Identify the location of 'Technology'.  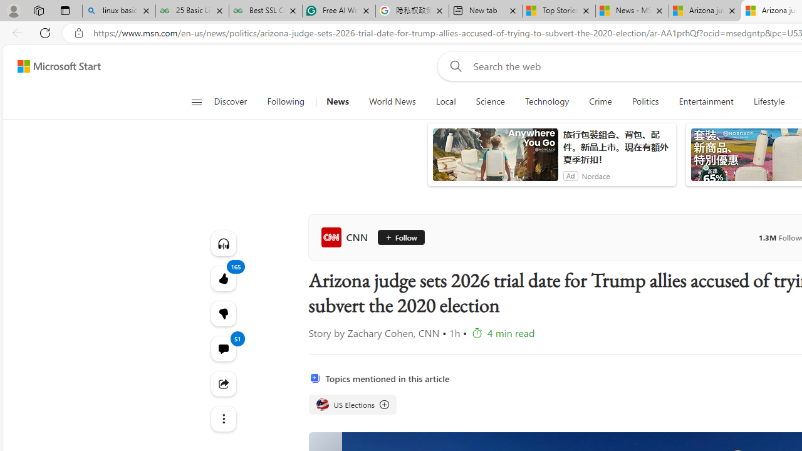
(546, 101).